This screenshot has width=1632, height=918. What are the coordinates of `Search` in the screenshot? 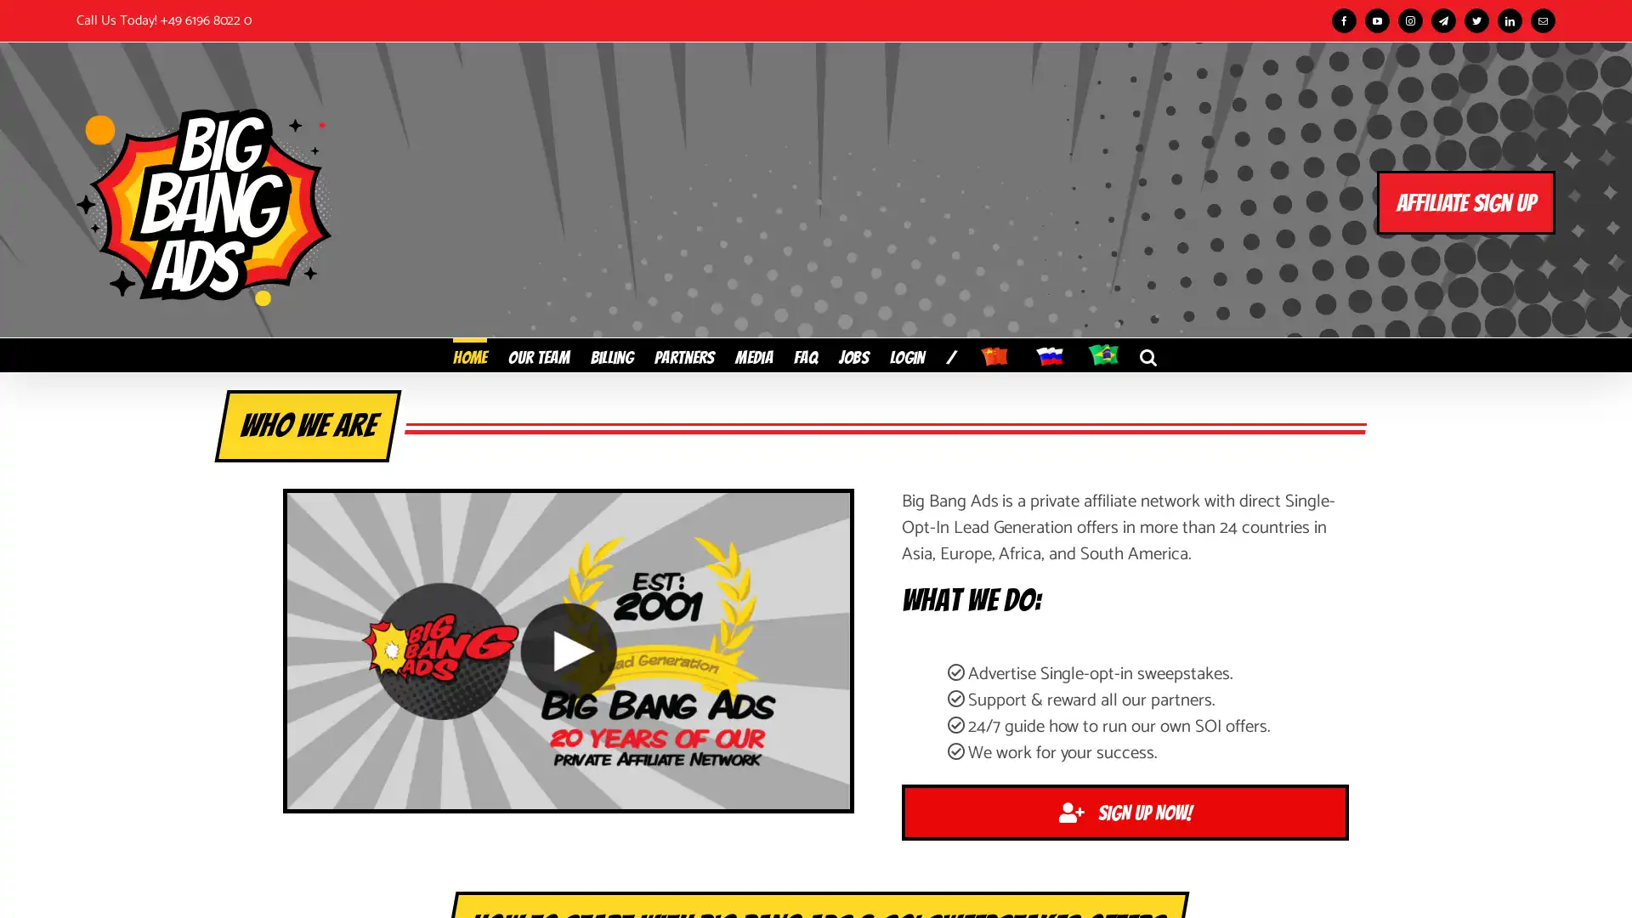 It's located at (1147, 353).